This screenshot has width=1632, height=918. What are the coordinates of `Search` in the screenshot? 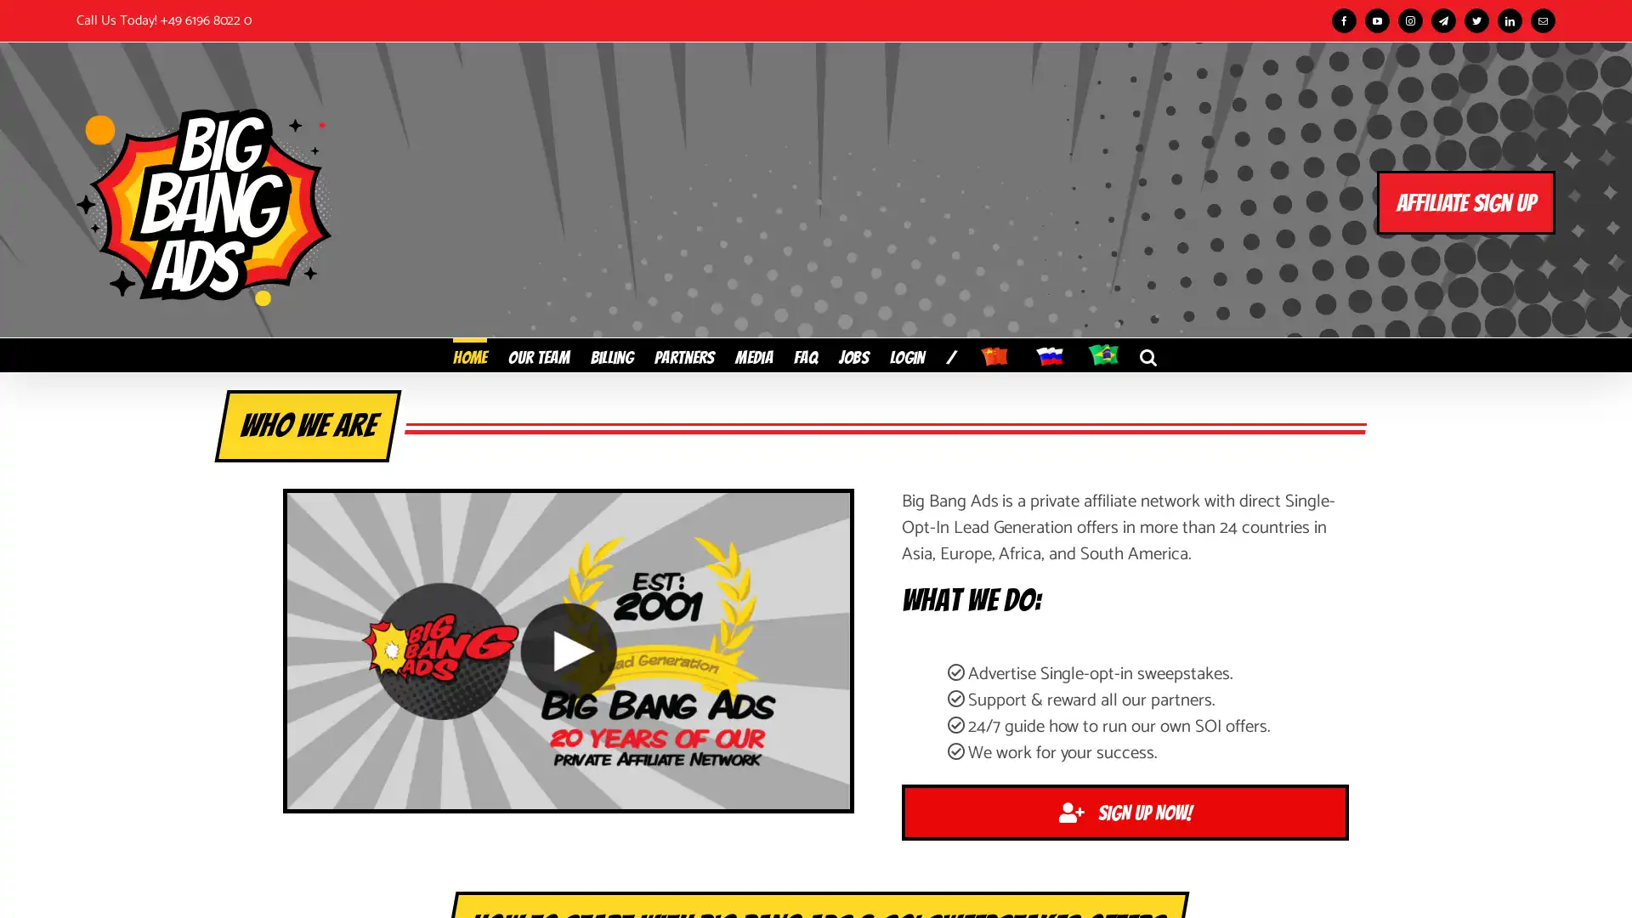 It's located at (1147, 353).